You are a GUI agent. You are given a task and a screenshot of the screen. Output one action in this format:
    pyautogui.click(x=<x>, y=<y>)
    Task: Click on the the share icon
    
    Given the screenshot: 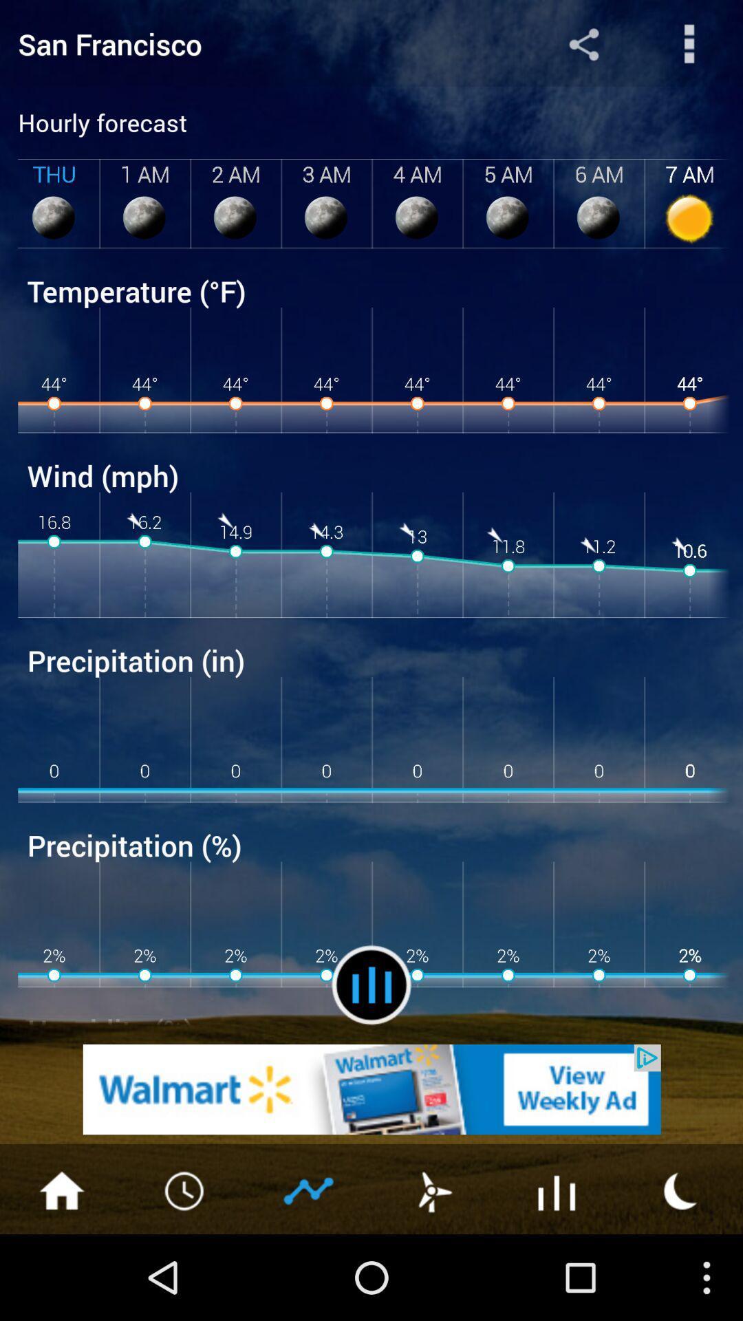 What is the action you would take?
    pyautogui.click(x=583, y=47)
    